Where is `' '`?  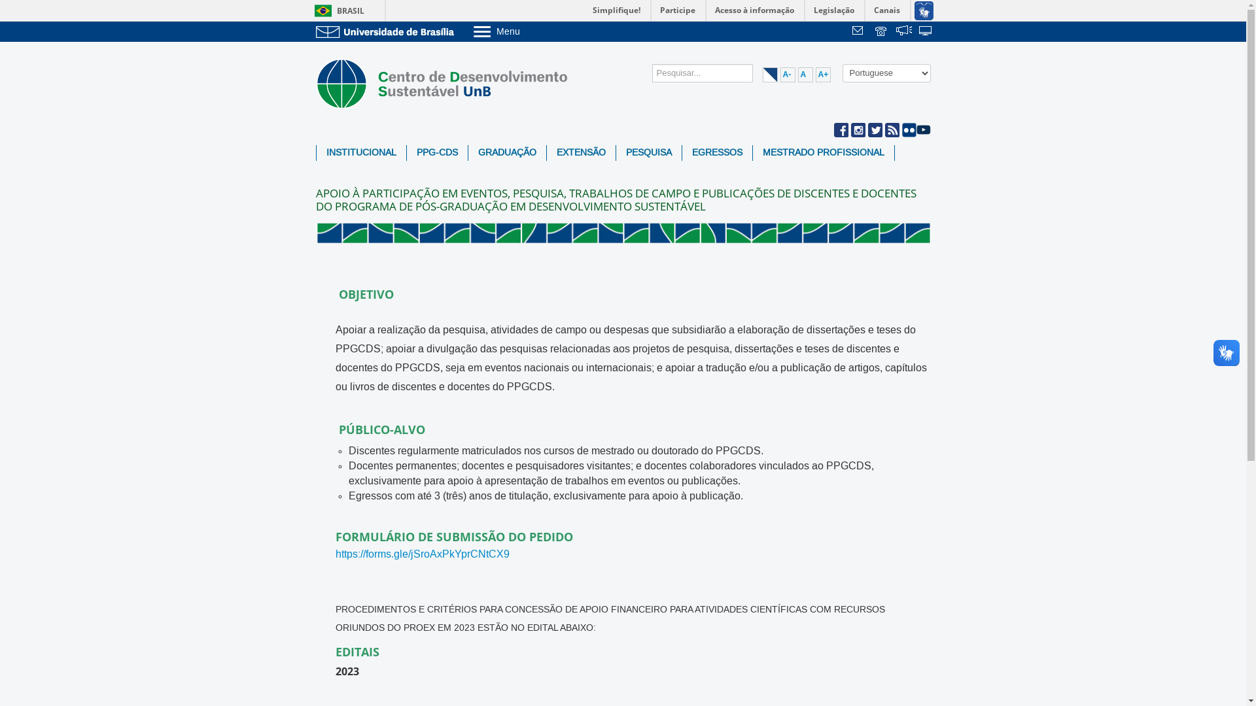 ' ' is located at coordinates (860, 31).